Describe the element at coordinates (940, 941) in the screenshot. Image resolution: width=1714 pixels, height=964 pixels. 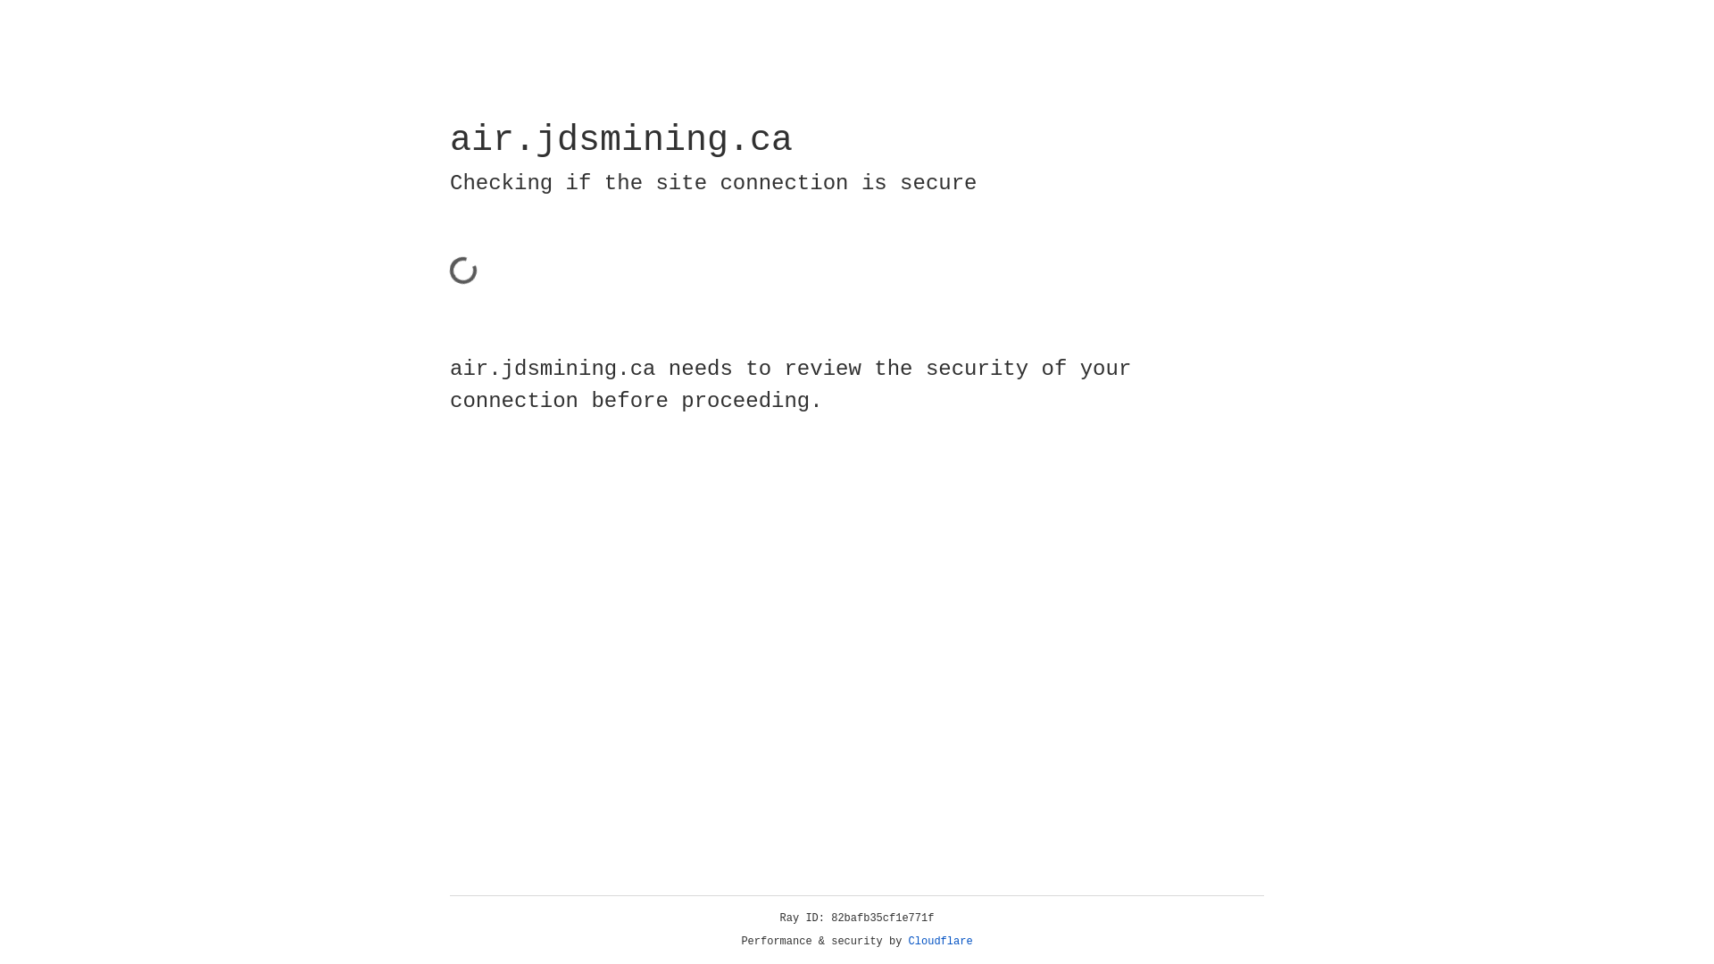
I see `'Cloudflare'` at that location.